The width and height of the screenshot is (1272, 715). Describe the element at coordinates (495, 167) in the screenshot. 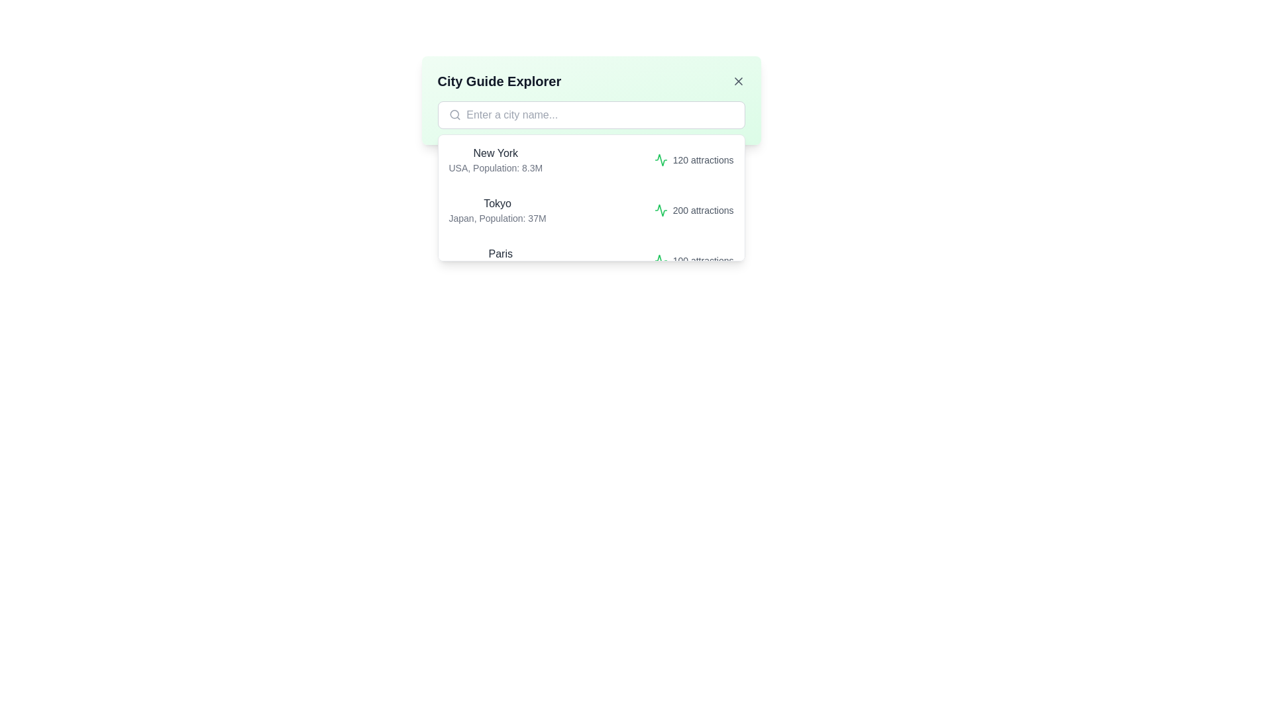

I see `textual content displaying 'USA, Population: 8.3M' located directly below the 'New York' title in the city list for information retrieval` at that location.